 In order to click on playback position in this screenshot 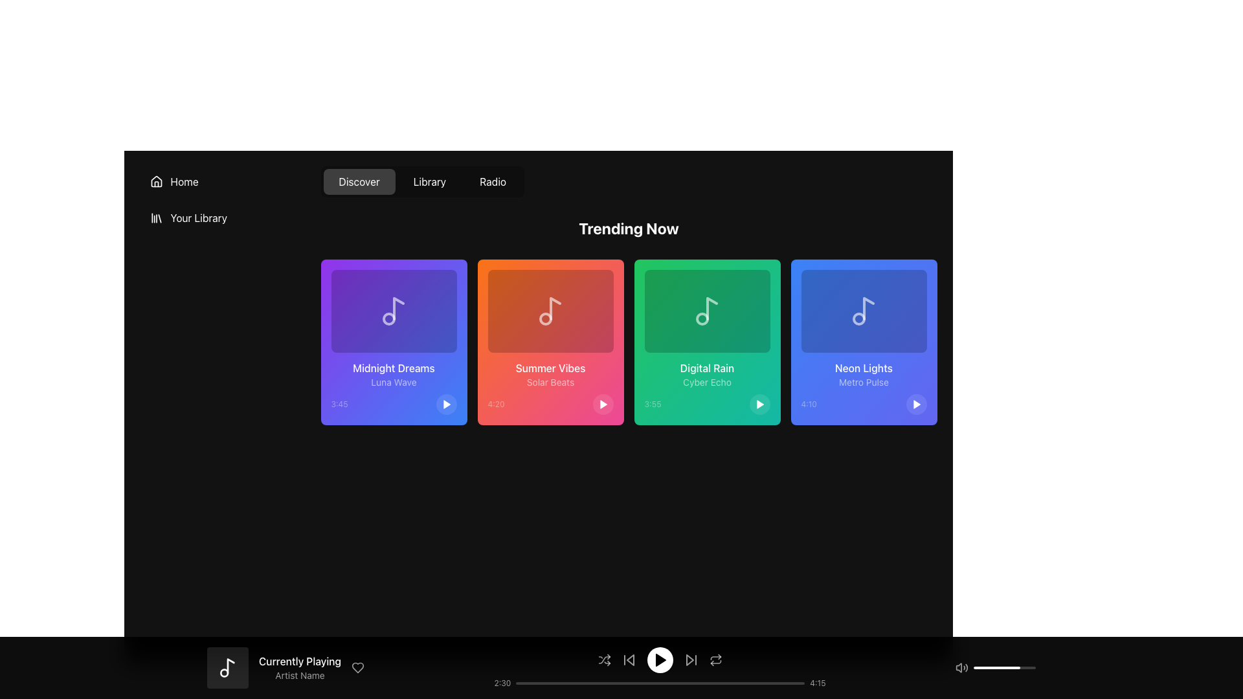, I will do `click(768, 683)`.